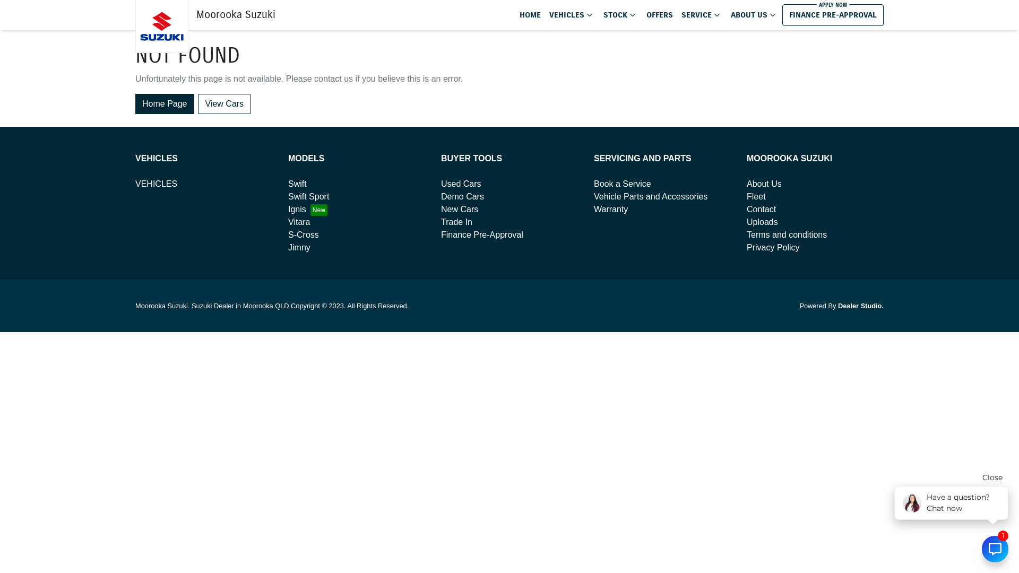 The image size is (1019, 573). Describe the element at coordinates (198, 103) in the screenshot. I see `'View Cars'` at that location.